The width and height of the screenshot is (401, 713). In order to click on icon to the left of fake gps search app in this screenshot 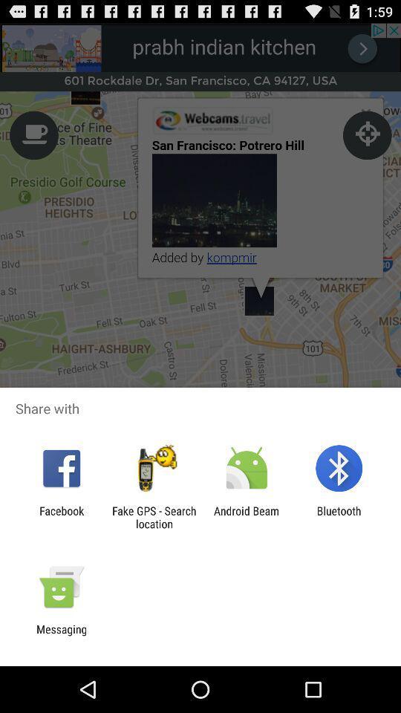, I will do `click(61, 517)`.